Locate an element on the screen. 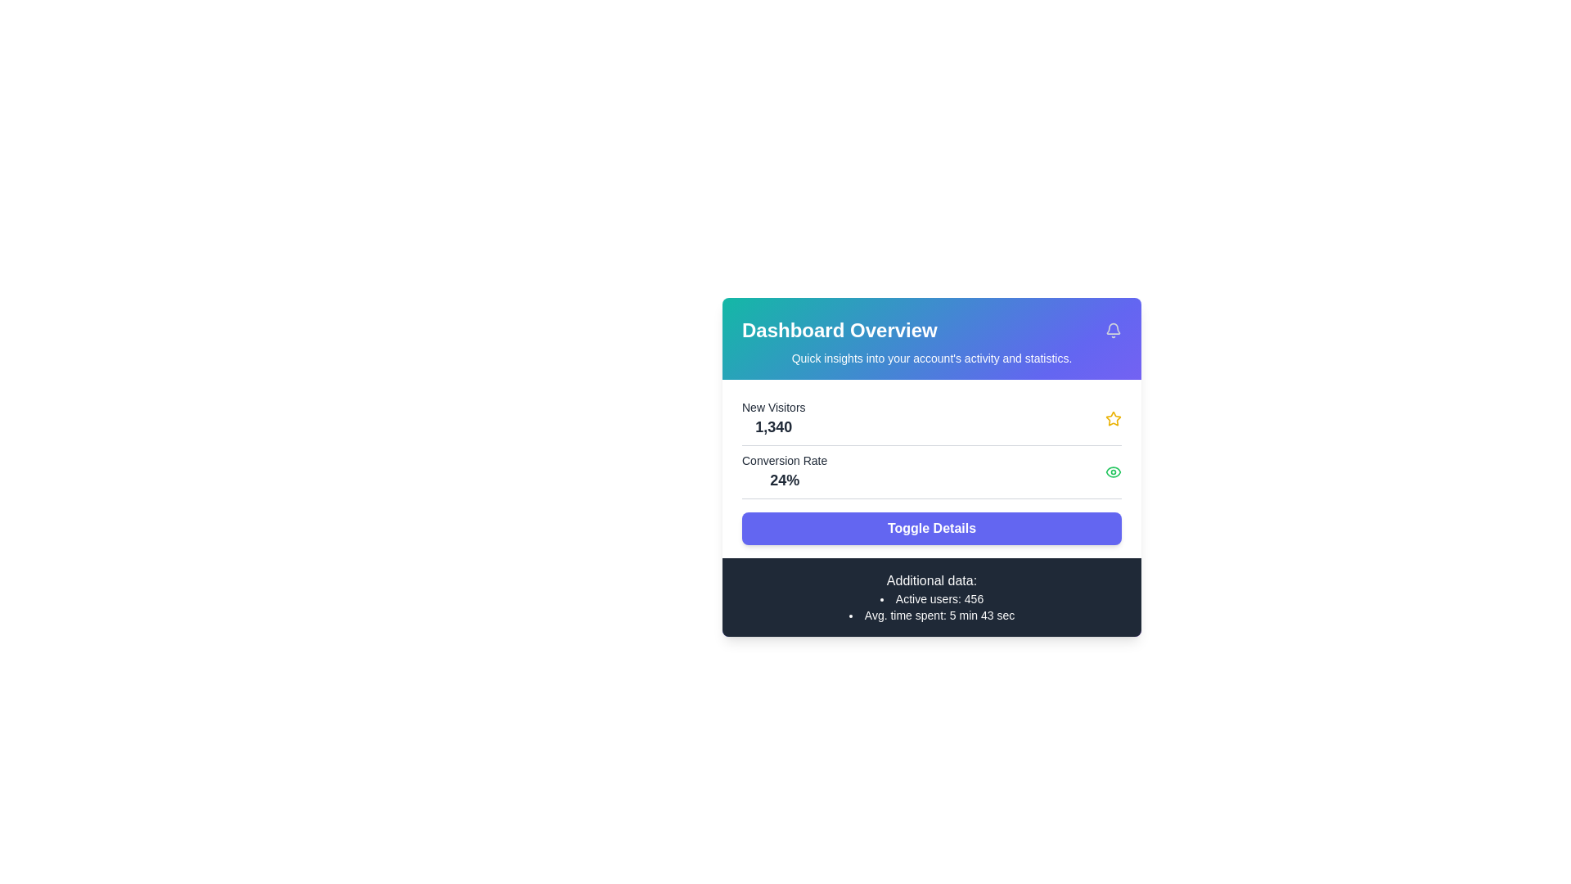  the Header section that displays the title 'Dashboard Overview' and the subtitle 'Quick insights into your account's activity and statistics.' is located at coordinates (931, 337).